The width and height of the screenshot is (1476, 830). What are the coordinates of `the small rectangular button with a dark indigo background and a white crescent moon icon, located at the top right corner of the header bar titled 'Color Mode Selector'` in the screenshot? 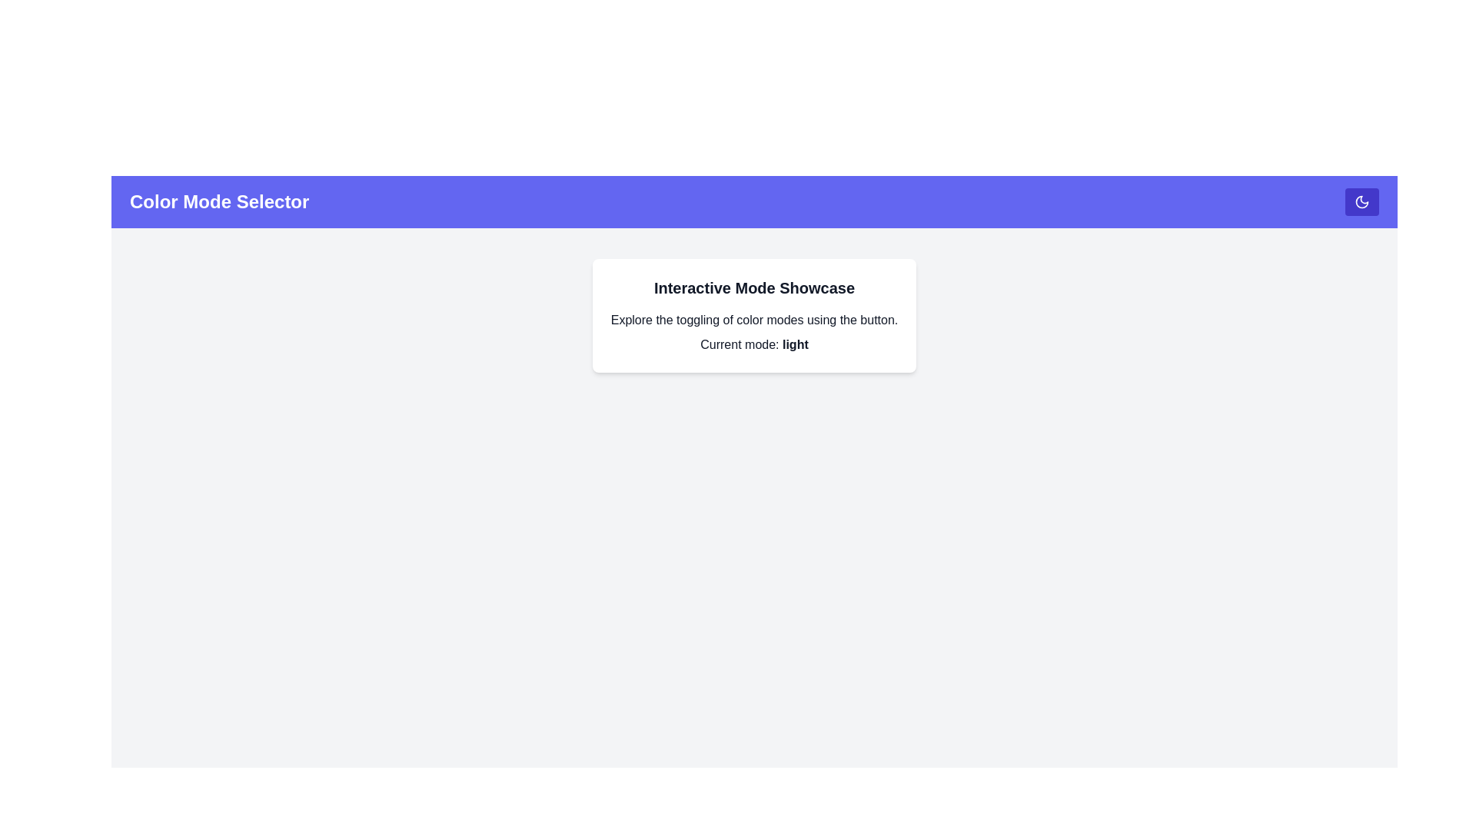 It's located at (1361, 201).